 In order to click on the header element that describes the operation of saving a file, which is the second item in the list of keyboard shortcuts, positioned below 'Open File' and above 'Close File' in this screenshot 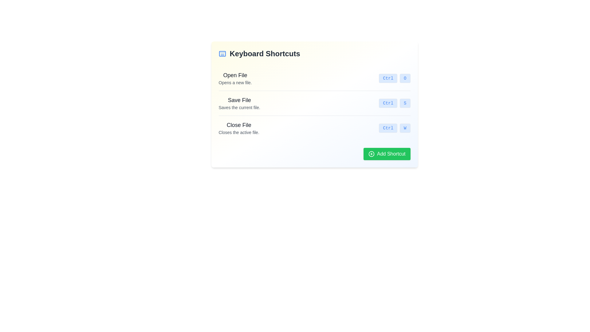, I will do `click(239, 103)`.